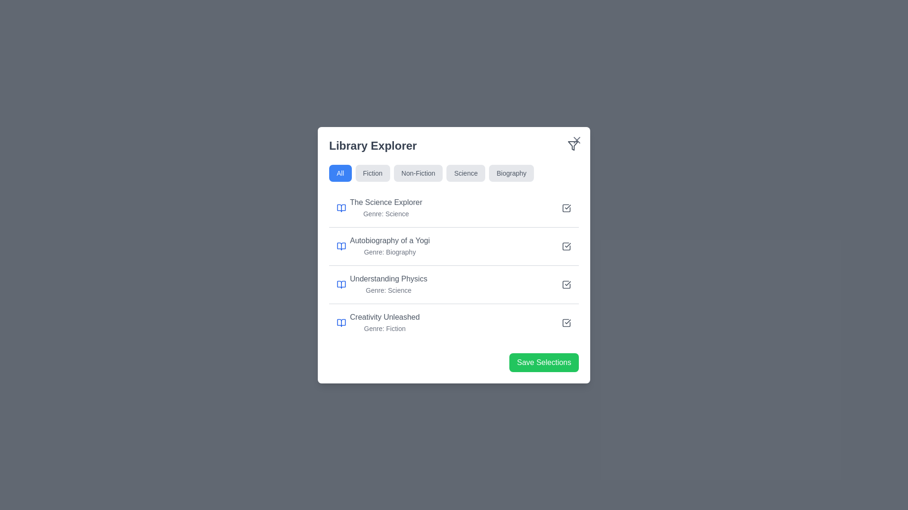 The image size is (908, 510). Describe the element at coordinates (511, 173) in the screenshot. I see `the 'Biography' tab in the horizontal navigation bar to filter the category` at that location.